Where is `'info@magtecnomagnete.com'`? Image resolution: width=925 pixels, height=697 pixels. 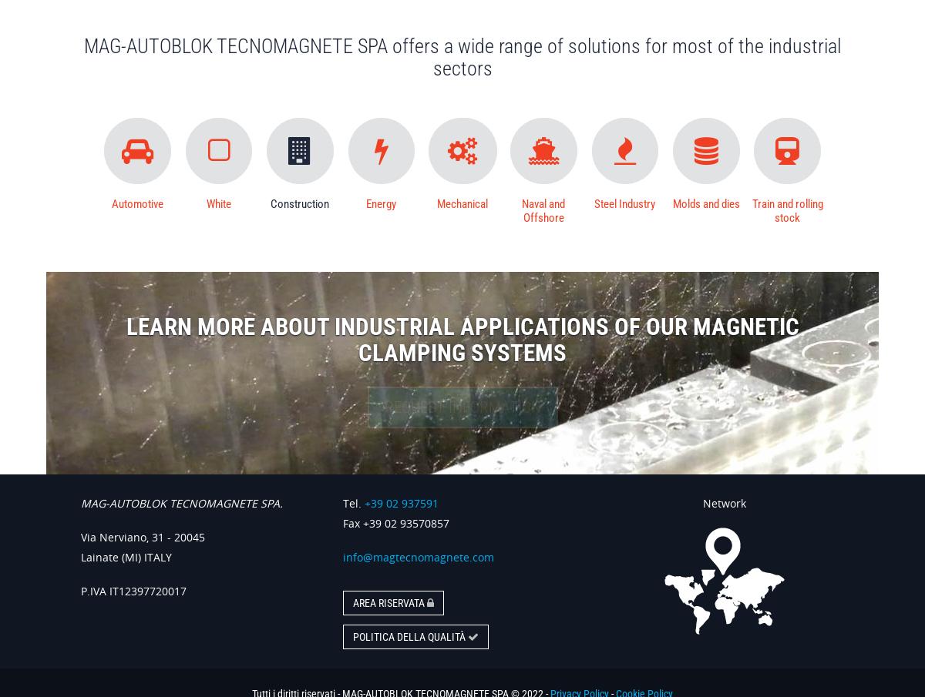
'info@magtecnomagnete.com' is located at coordinates (418, 555).